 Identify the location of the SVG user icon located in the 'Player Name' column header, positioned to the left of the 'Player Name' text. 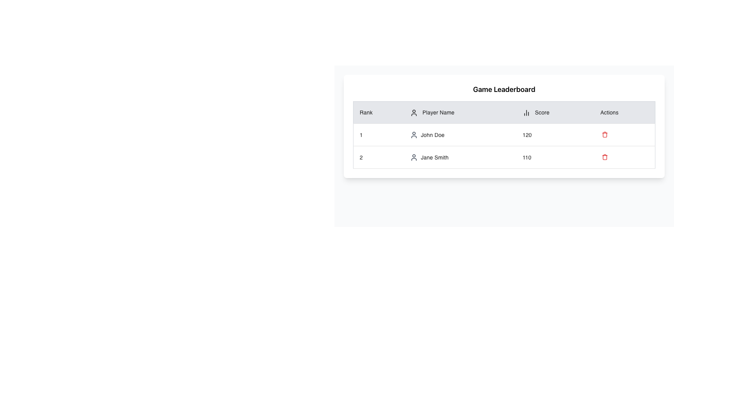
(413, 113).